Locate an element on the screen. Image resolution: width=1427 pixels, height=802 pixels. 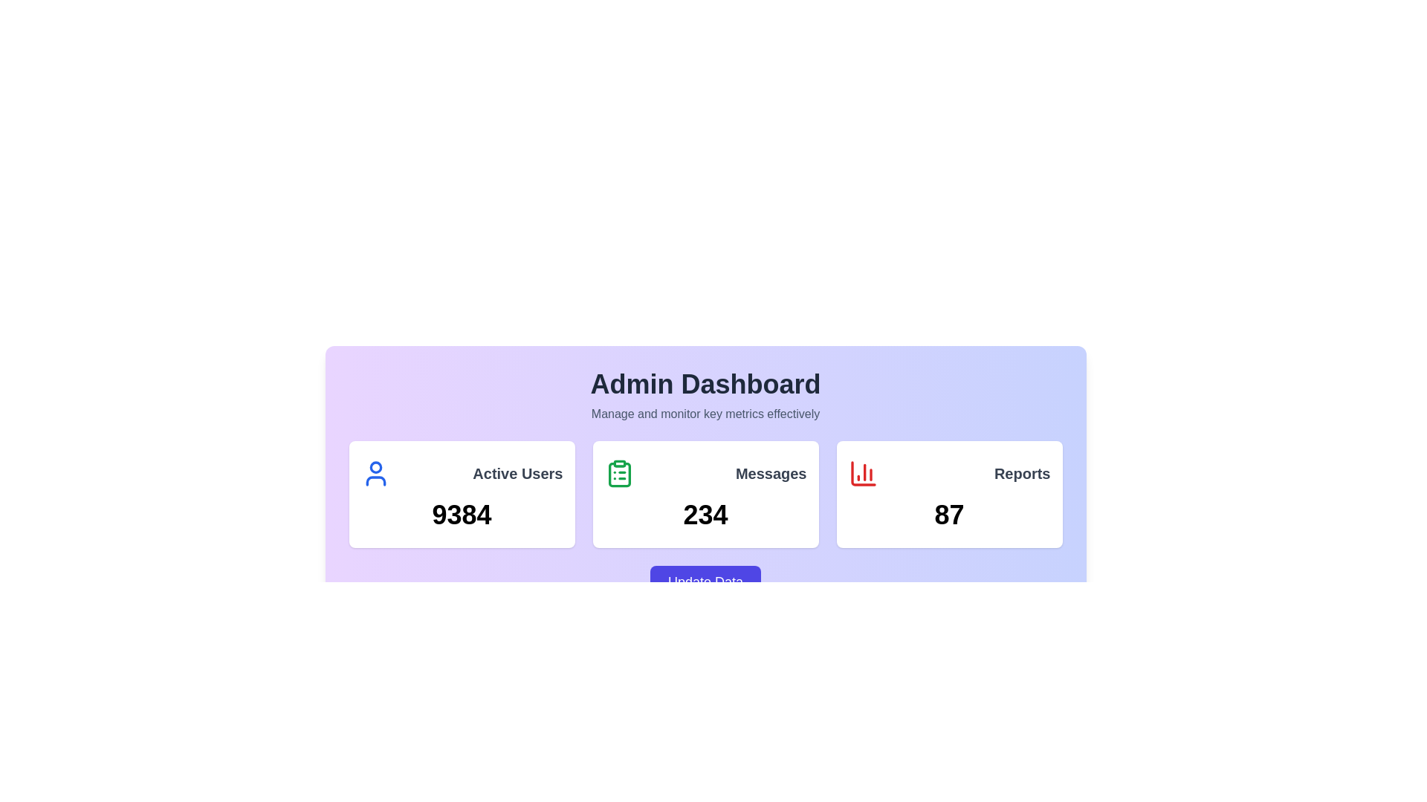
the circular SVG element located at the top central part of the user icon graphic within the user information card is located at coordinates (375, 466).